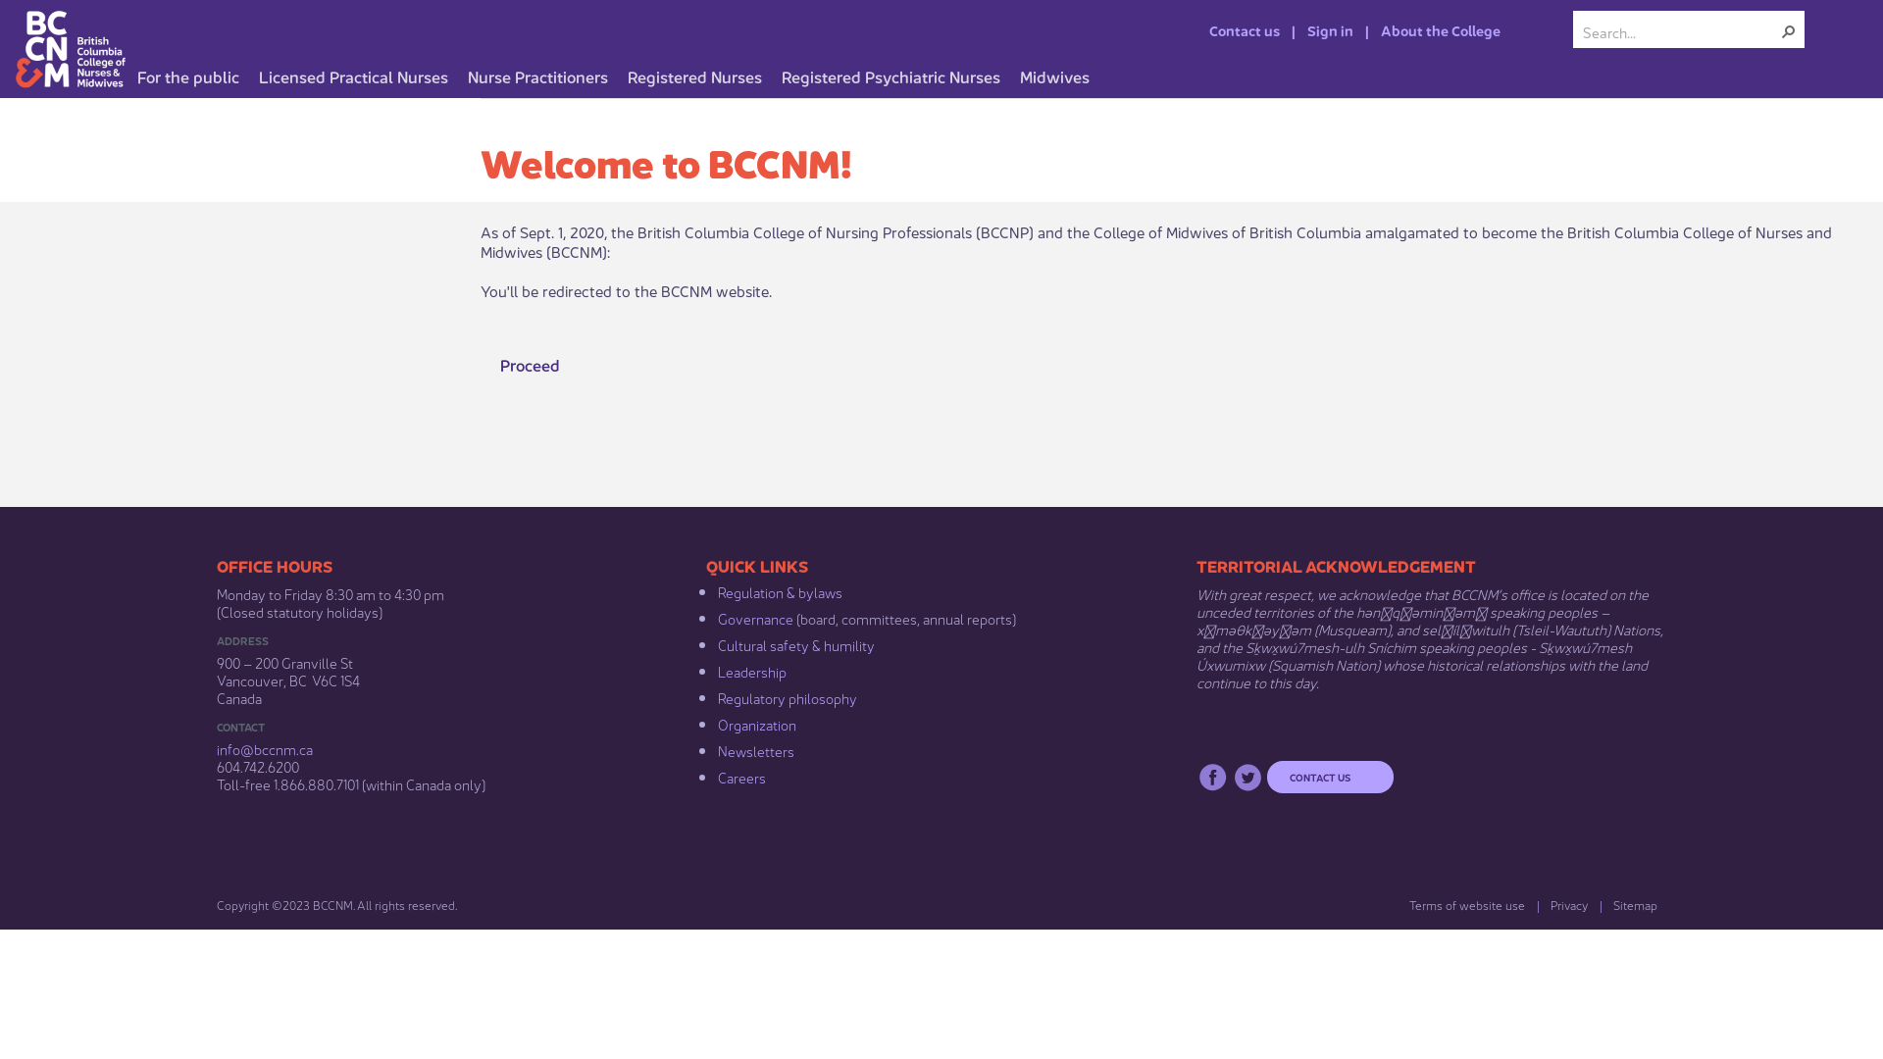 This screenshot has width=1883, height=1059. What do you see at coordinates (1316, 29) in the screenshot?
I see `'Sign in'` at bounding box center [1316, 29].